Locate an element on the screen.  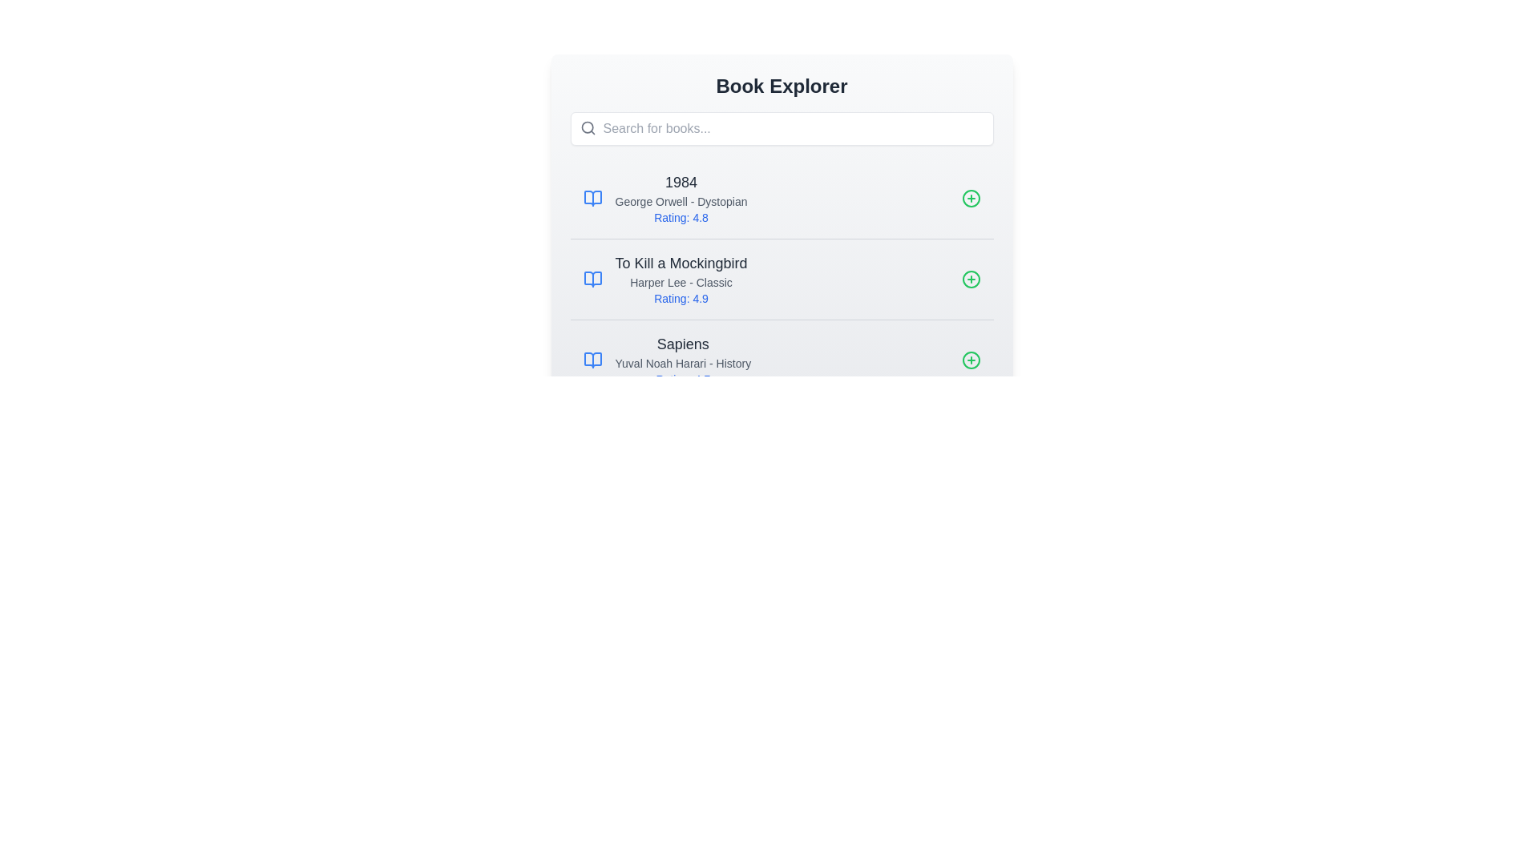
and copy the placeholder text from the text input field located below the 'Book Explorer' header is located at coordinates (782, 128).